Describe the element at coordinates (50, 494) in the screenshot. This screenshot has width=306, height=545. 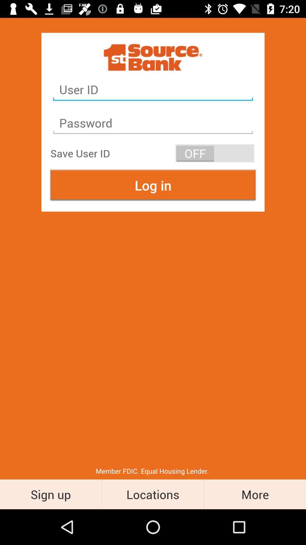
I see `the sign up icon` at that location.